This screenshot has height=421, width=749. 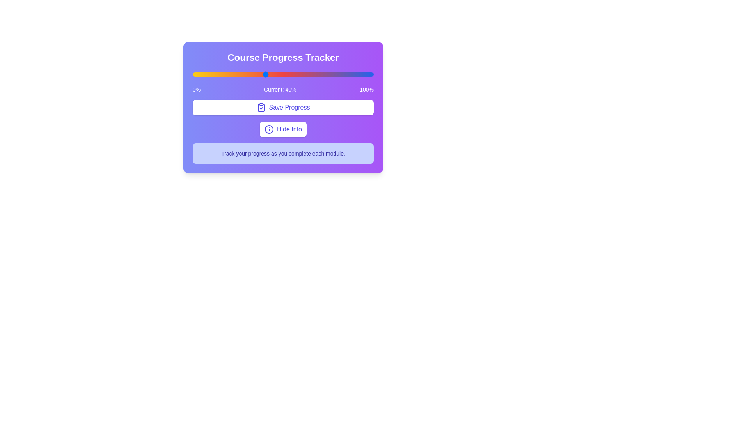 What do you see at coordinates (282, 129) in the screenshot?
I see `the 'Hide Info' button, which has a white background and indigo text, located below the 'Save Progress' button` at bounding box center [282, 129].